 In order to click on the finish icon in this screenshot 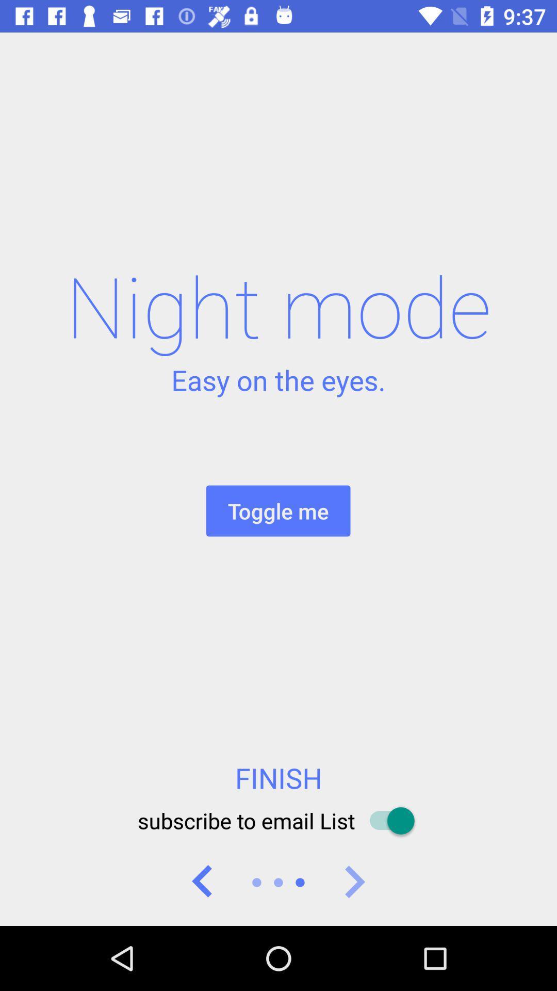, I will do `click(278, 778)`.